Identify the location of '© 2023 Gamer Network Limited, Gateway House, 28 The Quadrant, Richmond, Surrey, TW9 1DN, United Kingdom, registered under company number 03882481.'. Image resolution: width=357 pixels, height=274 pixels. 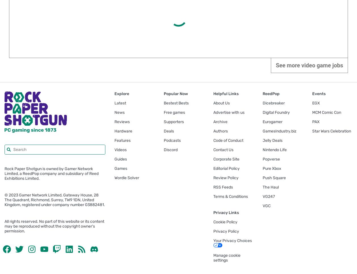
(55, 199).